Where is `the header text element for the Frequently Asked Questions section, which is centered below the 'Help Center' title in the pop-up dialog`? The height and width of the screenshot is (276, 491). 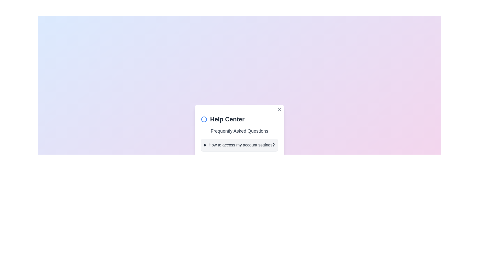
the header text element for the Frequently Asked Questions section, which is centered below the 'Help Center' title in the pop-up dialog is located at coordinates (239, 131).